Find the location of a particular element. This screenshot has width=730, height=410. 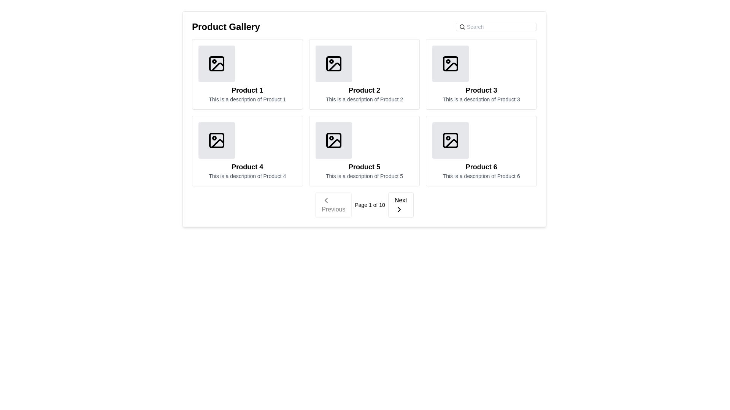

the text label for 'Product 2' in the product gallery is located at coordinates (364, 90).